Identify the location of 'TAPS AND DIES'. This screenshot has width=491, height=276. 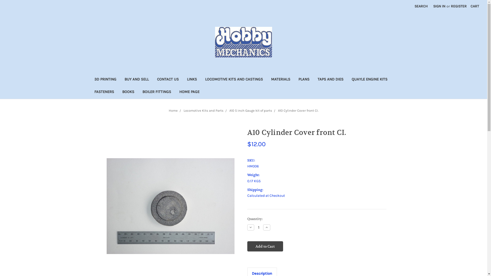
(330, 80).